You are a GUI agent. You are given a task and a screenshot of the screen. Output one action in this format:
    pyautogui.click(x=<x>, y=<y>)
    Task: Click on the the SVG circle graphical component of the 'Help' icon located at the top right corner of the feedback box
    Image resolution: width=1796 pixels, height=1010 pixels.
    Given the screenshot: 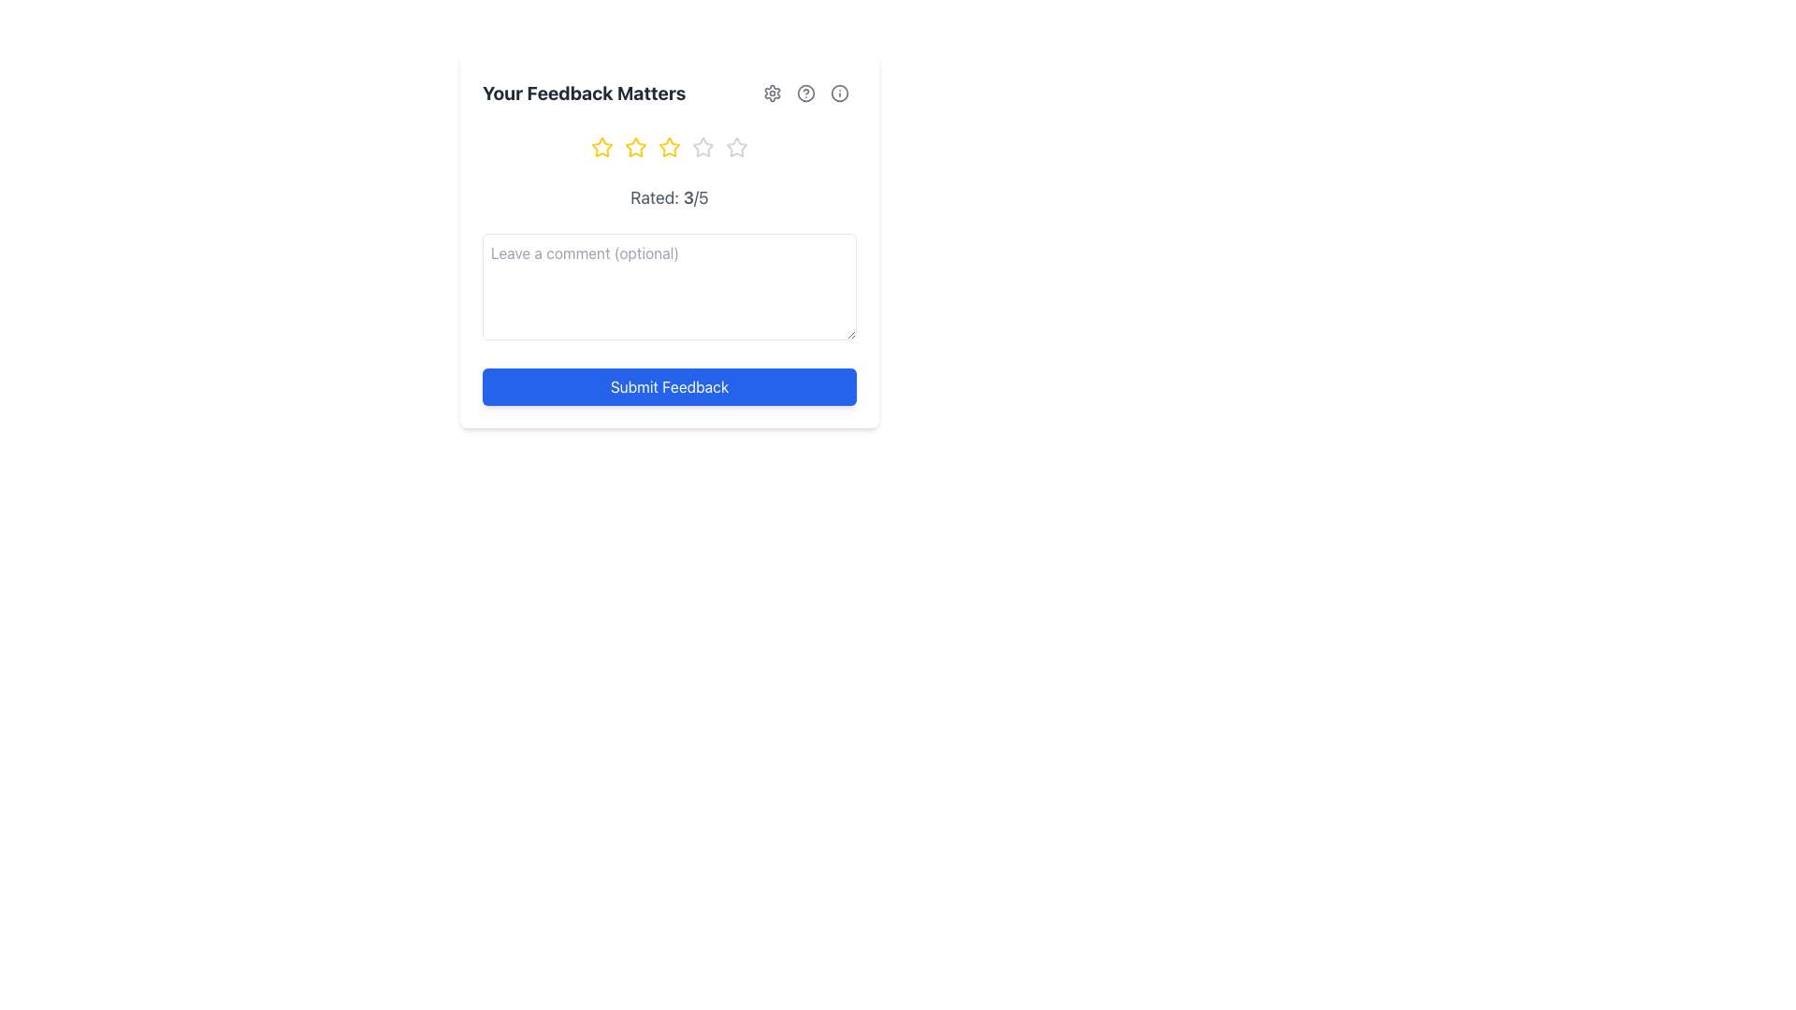 What is the action you would take?
    pyautogui.click(x=806, y=94)
    